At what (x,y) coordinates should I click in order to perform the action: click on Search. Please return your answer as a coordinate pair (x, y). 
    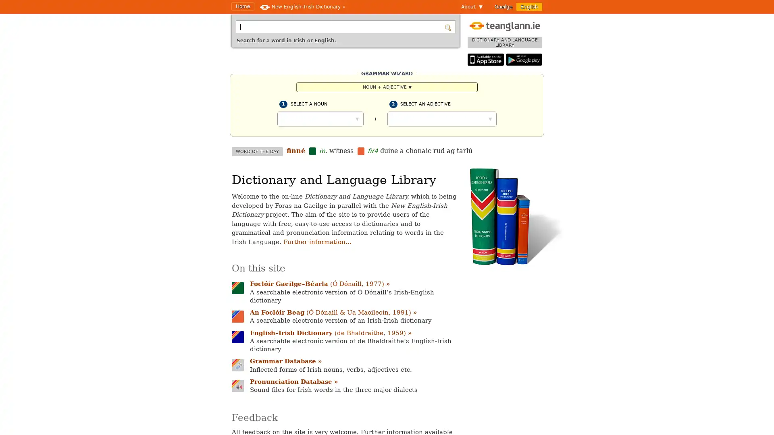
    Looking at the image, I should click on (448, 26).